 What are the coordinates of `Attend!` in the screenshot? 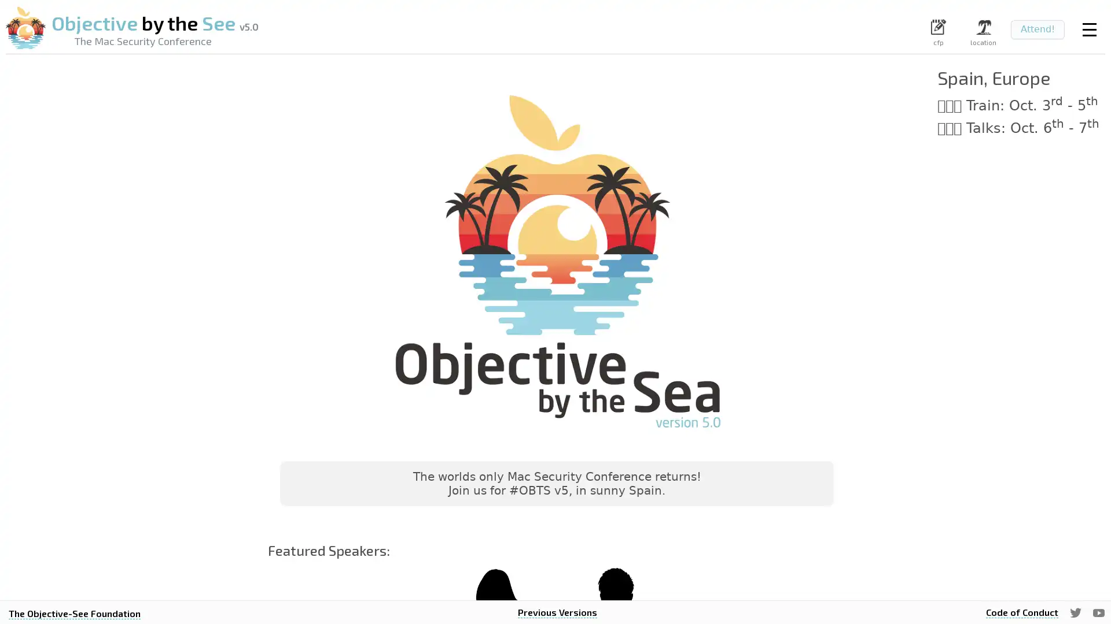 It's located at (1038, 29).